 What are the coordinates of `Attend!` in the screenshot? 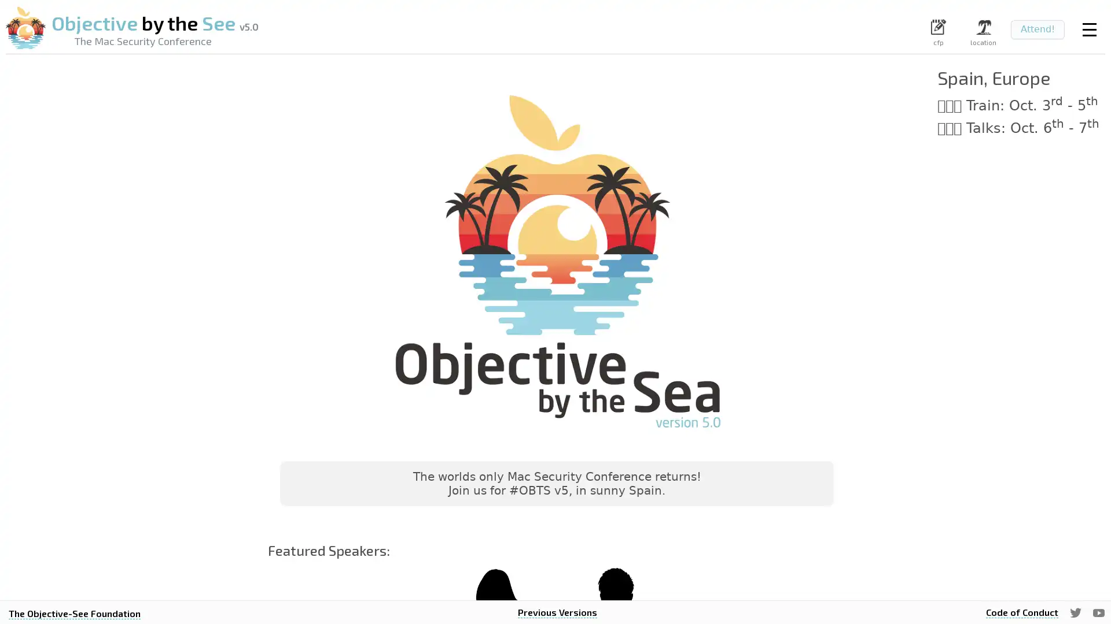 It's located at (1038, 29).